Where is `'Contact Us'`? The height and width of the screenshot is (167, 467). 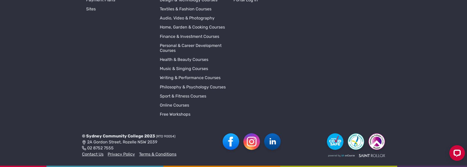 'Contact Us' is located at coordinates (82, 81).